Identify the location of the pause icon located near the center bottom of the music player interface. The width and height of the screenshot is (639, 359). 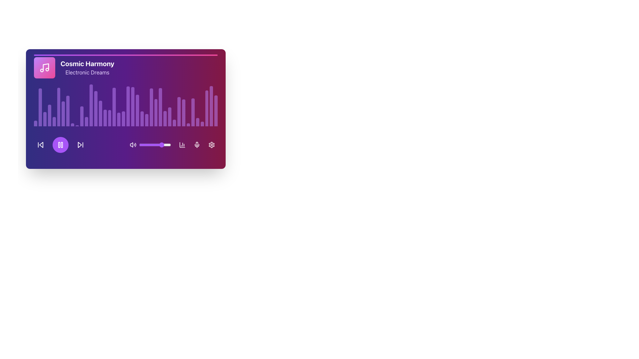
(61, 144).